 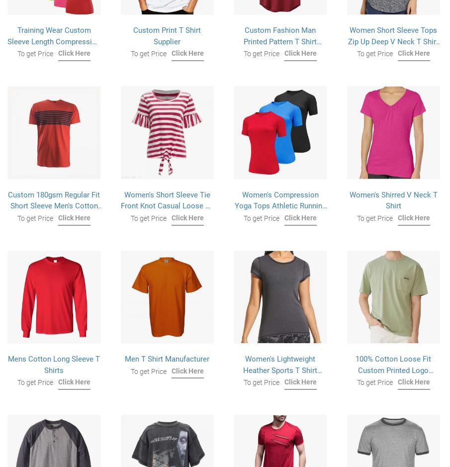 What do you see at coordinates (53, 47) in the screenshot?
I see `'Training Wear Custom Sleeve Length Compression Rash Guard Compression Shirts For Women's'` at bounding box center [53, 47].